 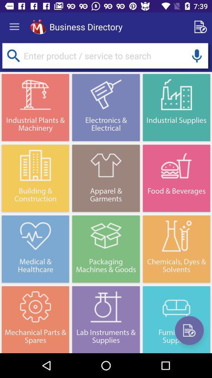 I want to click on the item to the left of business directory app, so click(x=38, y=27).